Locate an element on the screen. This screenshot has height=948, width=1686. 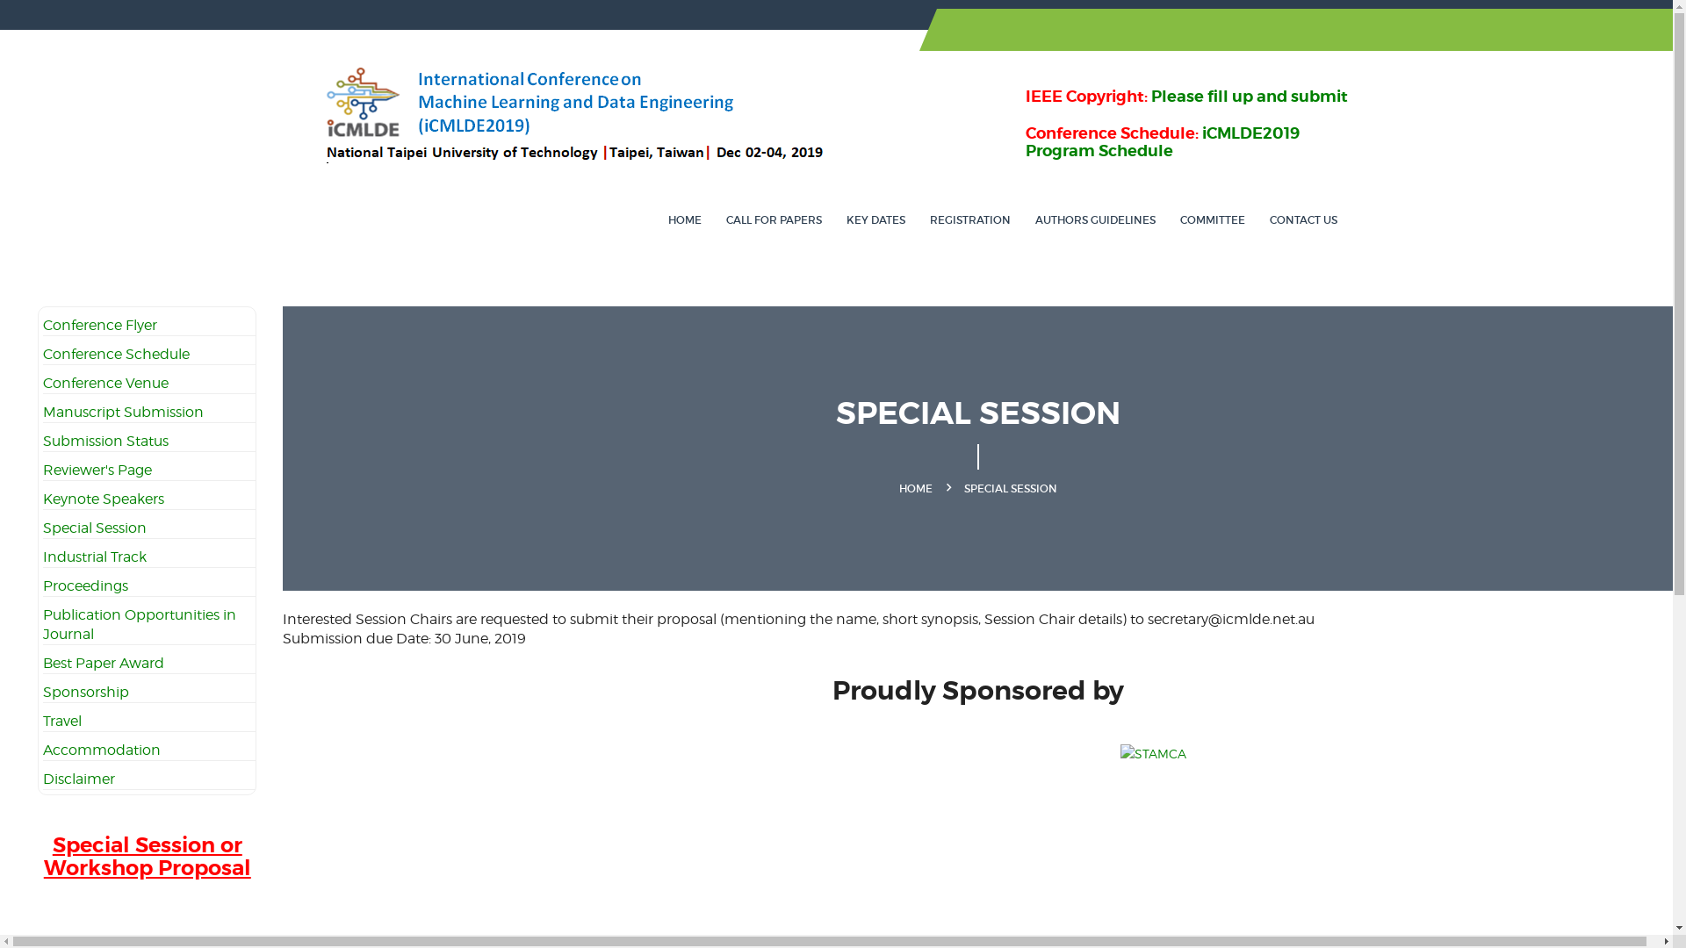
'Special Session or Workshop Proposal' is located at coordinates (38, 865).